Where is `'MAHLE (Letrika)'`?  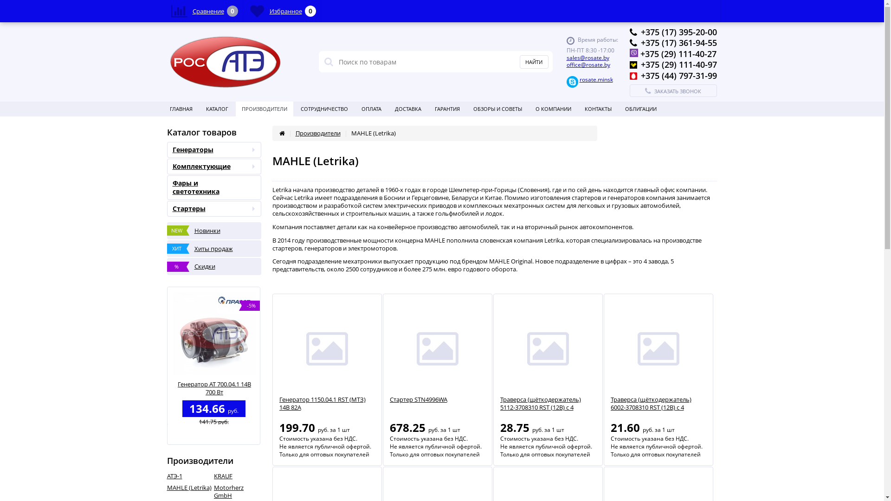
'MAHLE (Letrika)' is located at coordinates (167, 487).